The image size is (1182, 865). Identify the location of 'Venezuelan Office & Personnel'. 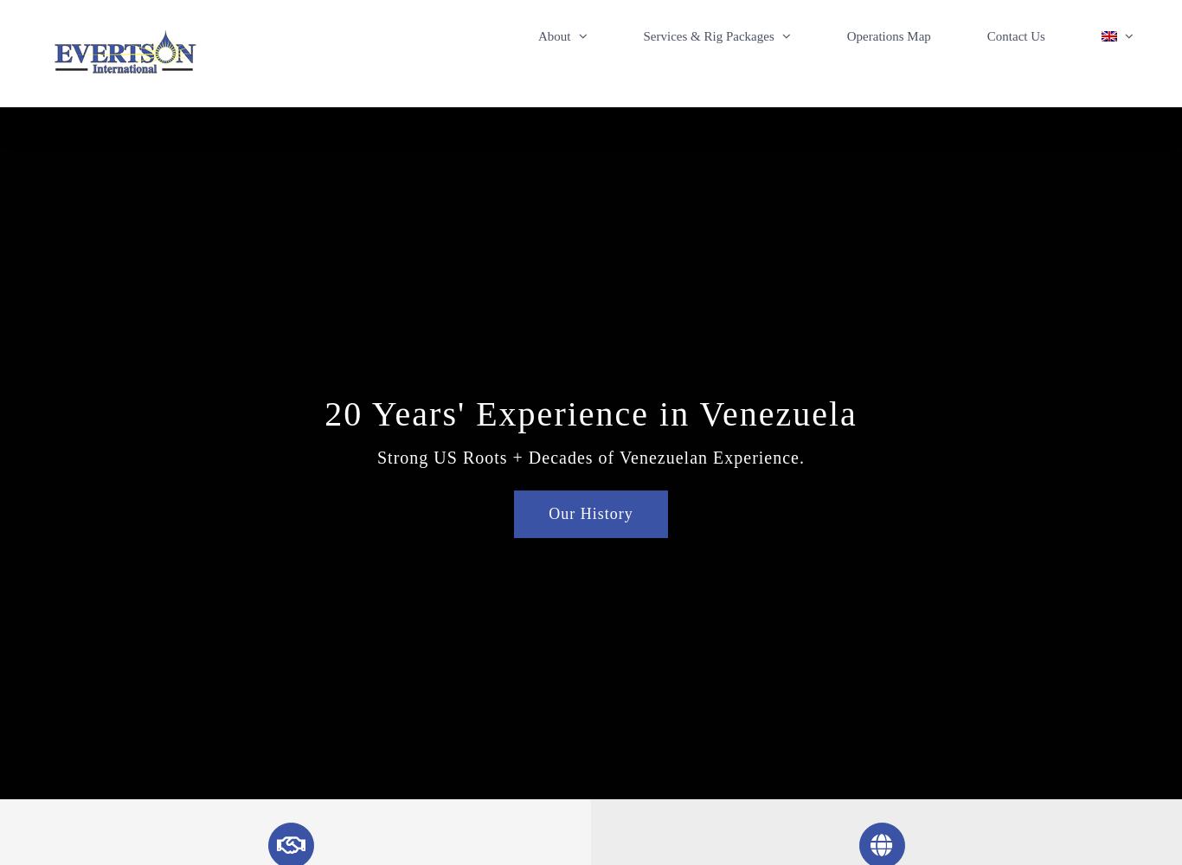
(646, 168).